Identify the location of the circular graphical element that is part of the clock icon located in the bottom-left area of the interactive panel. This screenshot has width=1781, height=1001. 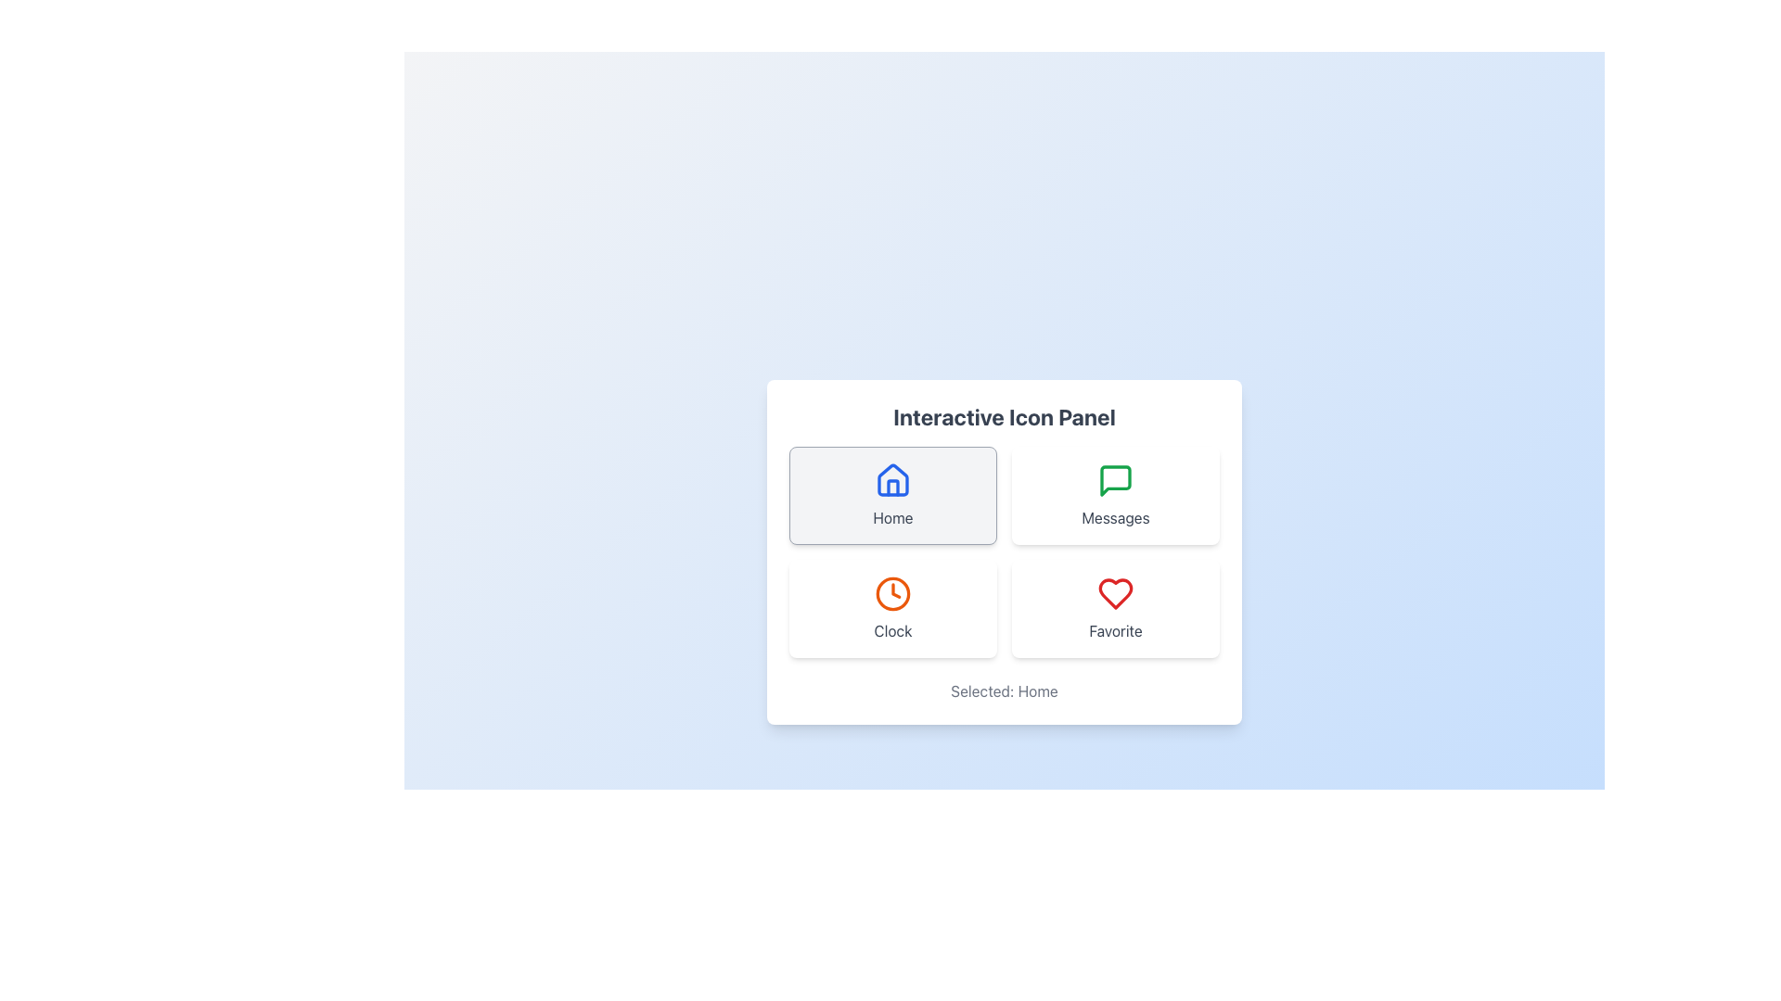
(893, 593).